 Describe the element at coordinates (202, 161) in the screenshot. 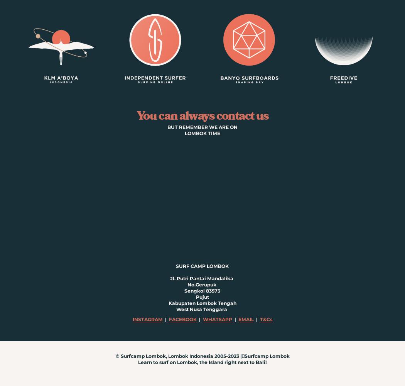

I see `'FAQ'` at that location.